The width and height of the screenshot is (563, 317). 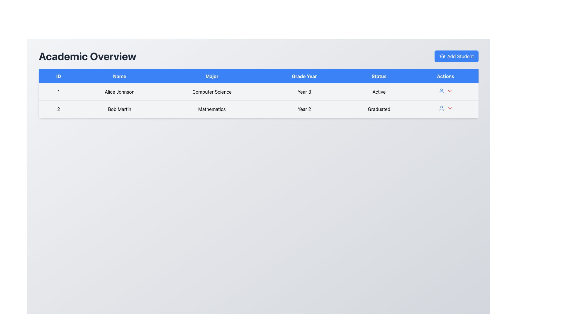 I want to click on the graduation cap icon positioned to the left of the 'Add Student' text in the top-right button of the interface, so click(x=442, y=56).